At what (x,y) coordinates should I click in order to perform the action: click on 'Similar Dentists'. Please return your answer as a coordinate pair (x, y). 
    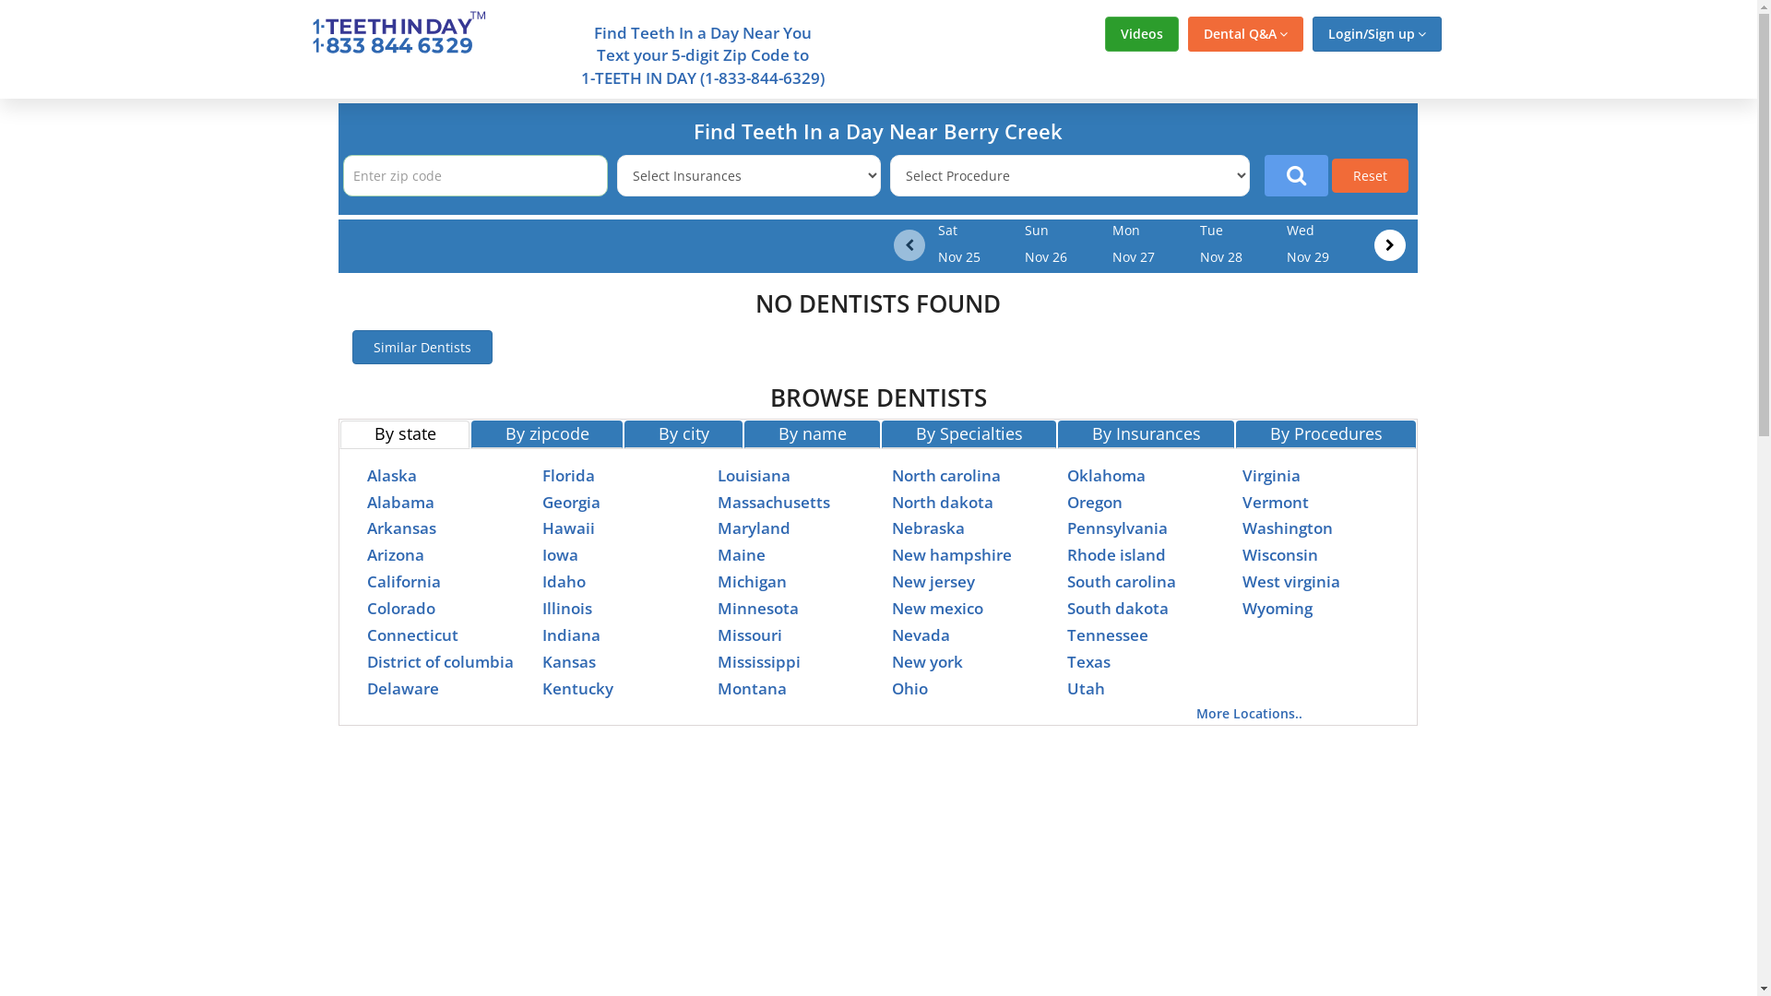
    Looking at the image, I should click on (421, 347).